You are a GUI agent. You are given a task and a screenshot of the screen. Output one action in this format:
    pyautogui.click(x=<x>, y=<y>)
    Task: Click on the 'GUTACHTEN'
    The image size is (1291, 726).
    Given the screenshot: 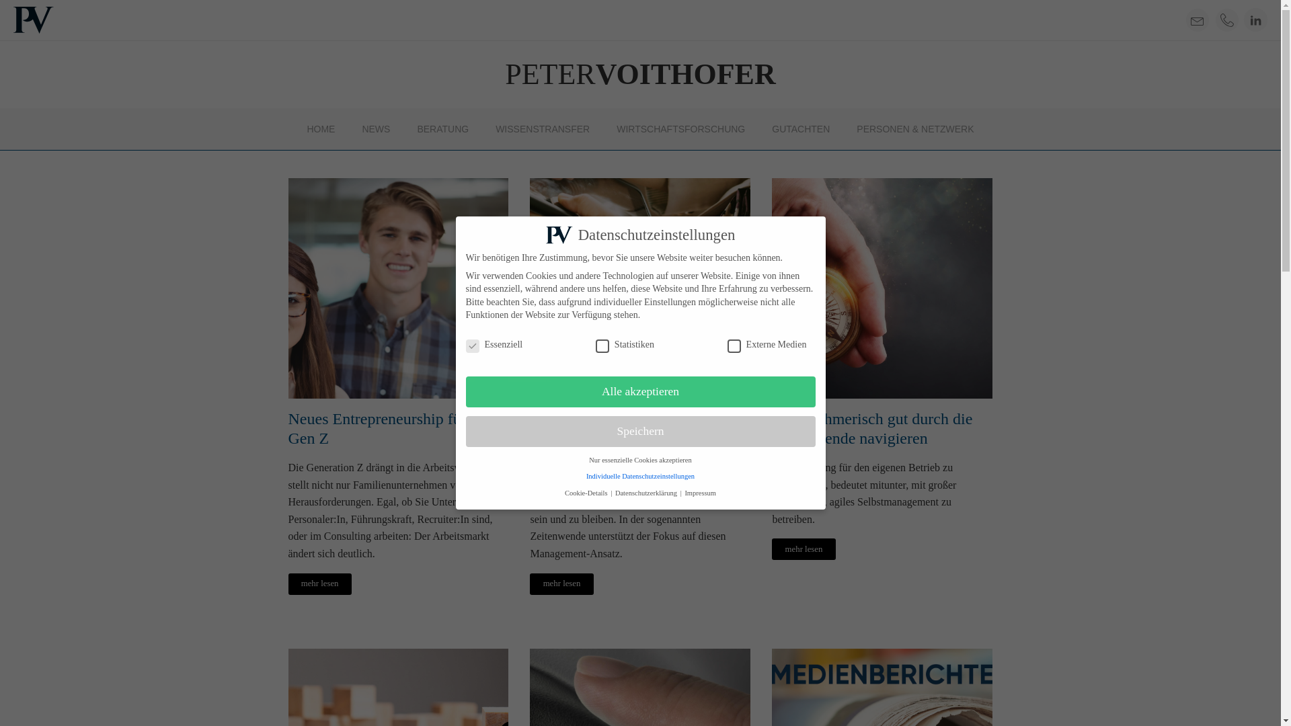 What is the action you would take?
    pyautogui.click(x=800, y=129)
    